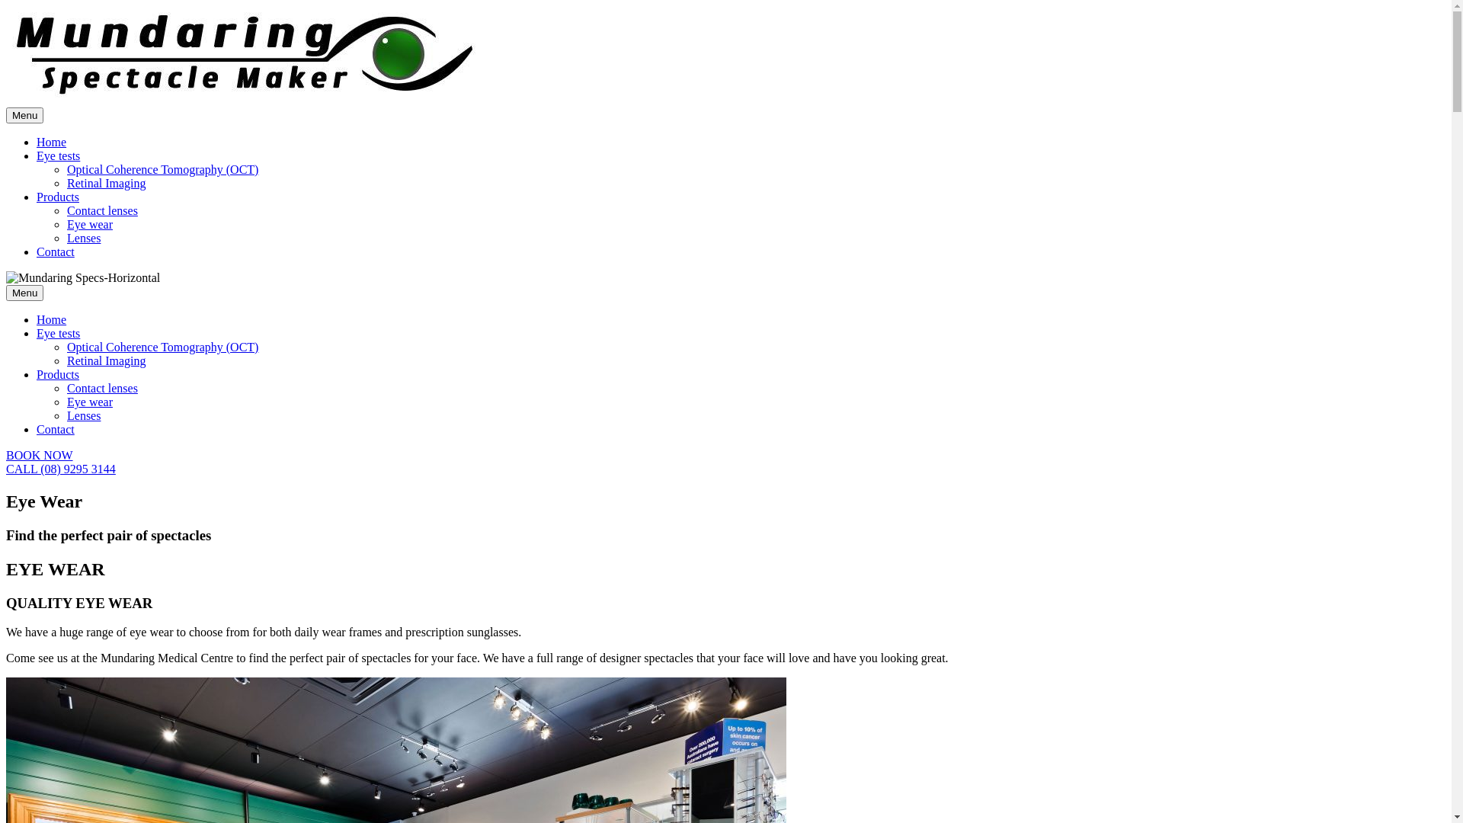 This screenshot has width=1463, height=823. What do you see at coordinates (83, 415) in the screenshot?
I see `'Lenses'` at bounding box center [83, 415].